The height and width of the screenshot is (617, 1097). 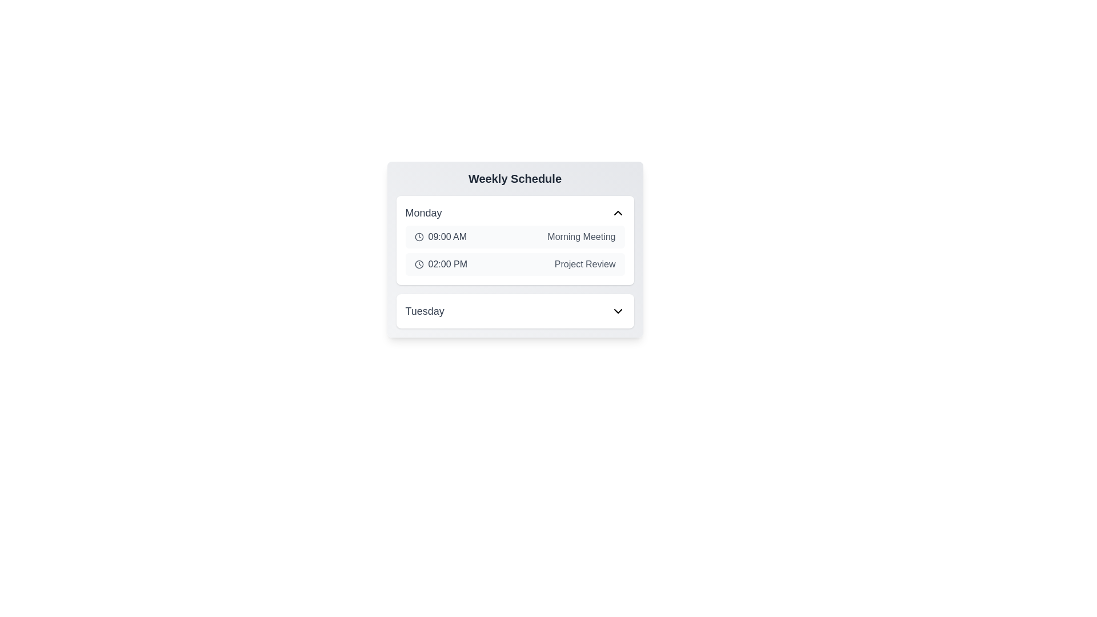 I want to click on the static text label displaying the title 'Morning Meeting', which is right-aligned and shows the meeting time at 9:00 AM on Monday, so click(x=581, y=237).